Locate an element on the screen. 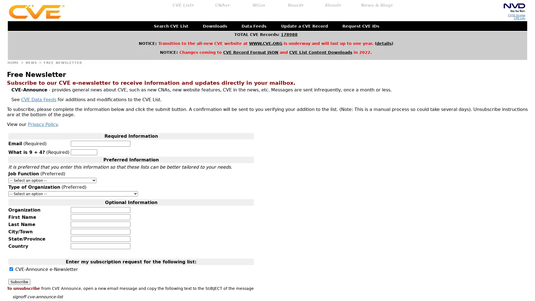 The height and width of the screenshot is (301, 535). CVE List is located at coordinates (183, 5).